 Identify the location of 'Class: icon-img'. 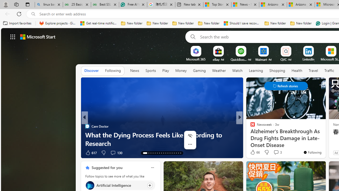
(152, 168).